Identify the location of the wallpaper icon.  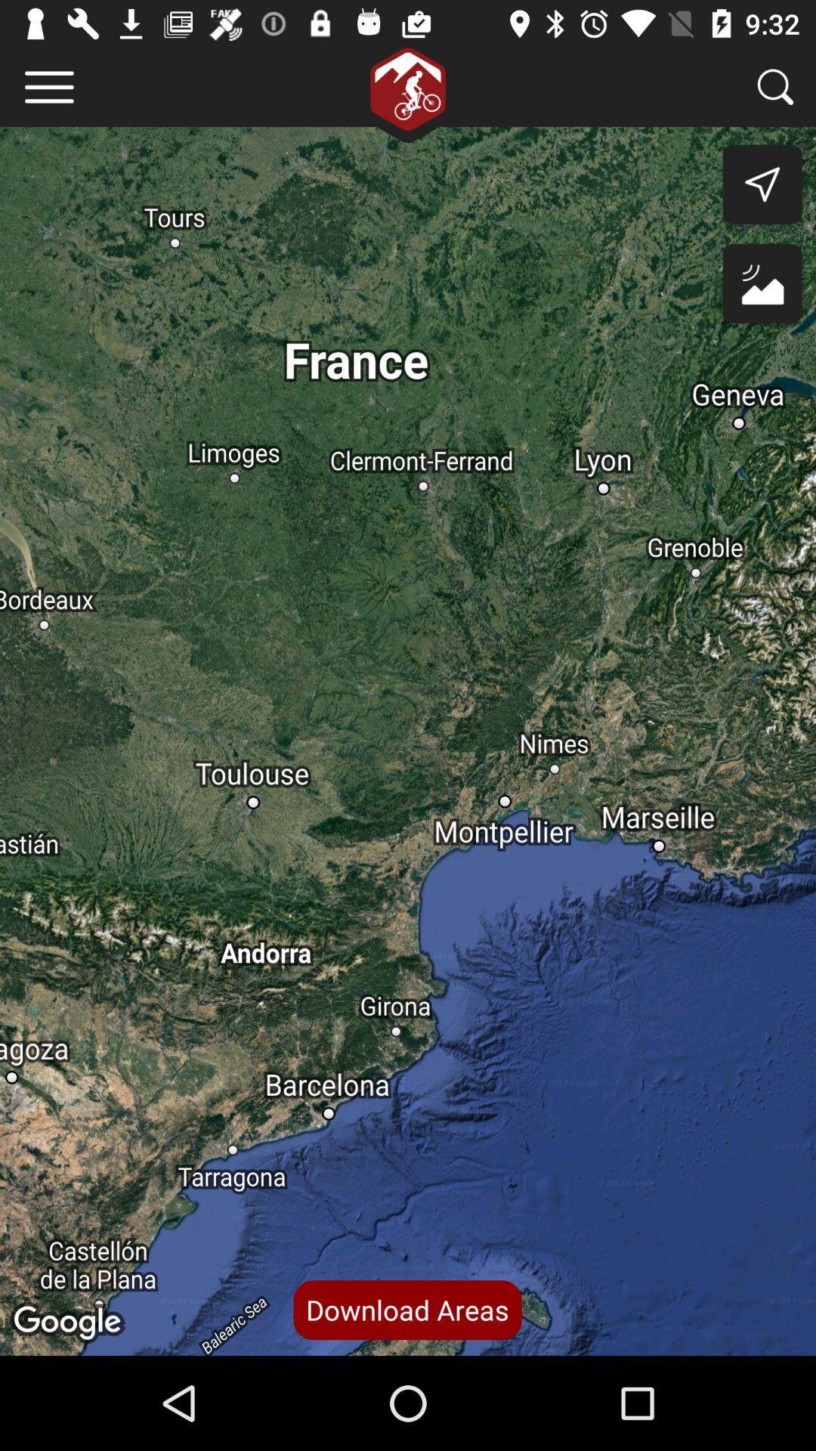
(762, 287).